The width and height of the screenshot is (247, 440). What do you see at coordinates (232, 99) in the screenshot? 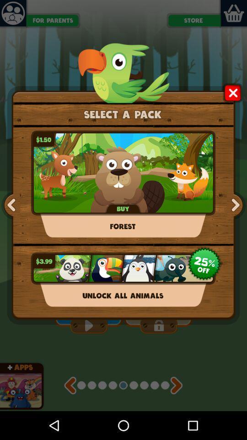
I see `the close icon` at bounding box center [232, 99].